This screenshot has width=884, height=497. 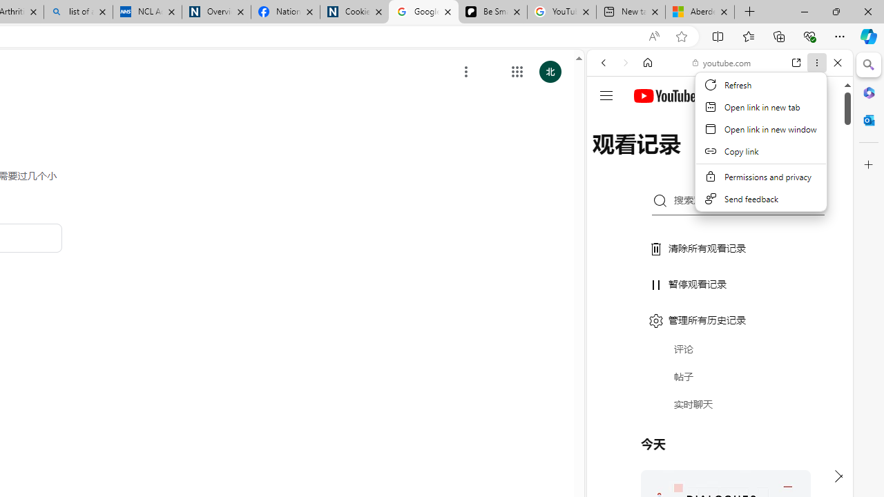 I want to click on 'youtube.com', so click(x=722, y=63).